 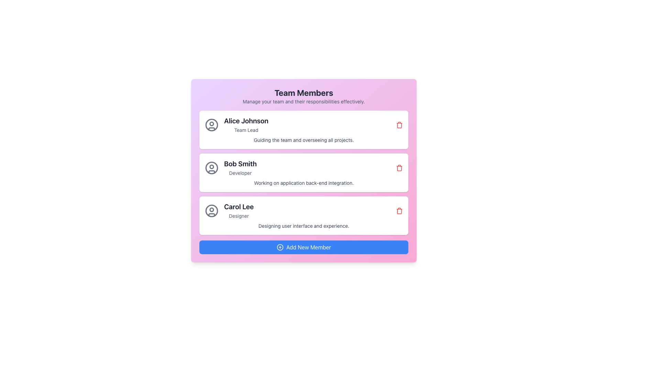 What do you see at coordinates (231, 168) in the screenshot?
I see `the Profile Display Component for user 'Bob Smith', which is the second entry in the profile list` at bounding box center [231, 168].